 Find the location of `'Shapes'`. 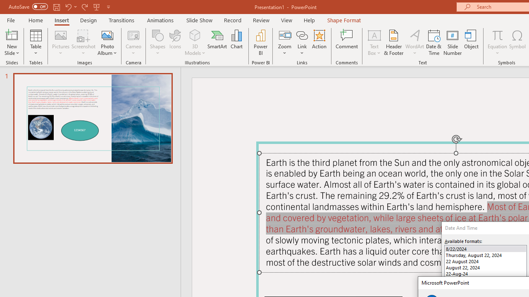

'Shapes' is located at coordinates (158, 42).